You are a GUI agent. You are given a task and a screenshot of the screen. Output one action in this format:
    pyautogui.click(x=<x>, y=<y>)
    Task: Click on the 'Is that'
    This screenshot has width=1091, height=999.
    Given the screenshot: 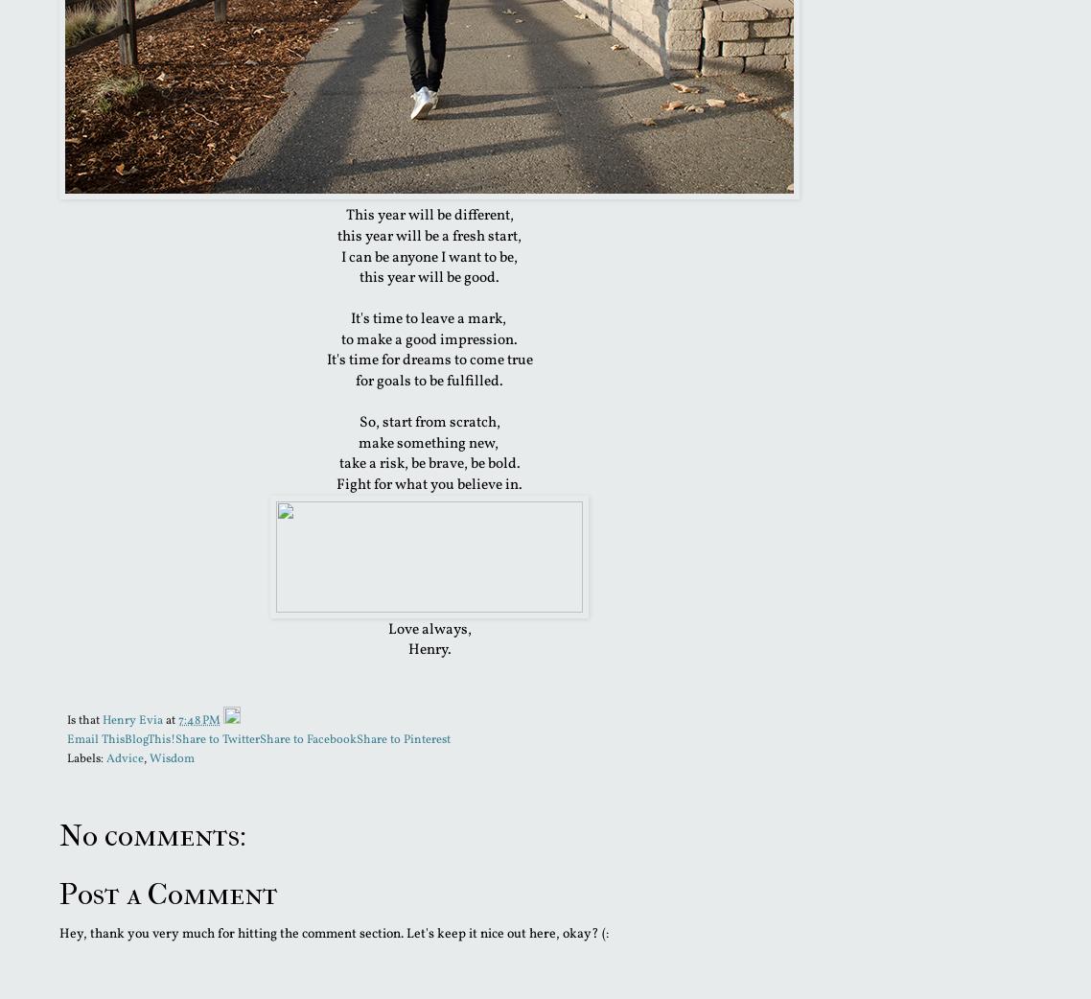 What is the action you would take?
    pyautogui.click(x=83, y=718)
    